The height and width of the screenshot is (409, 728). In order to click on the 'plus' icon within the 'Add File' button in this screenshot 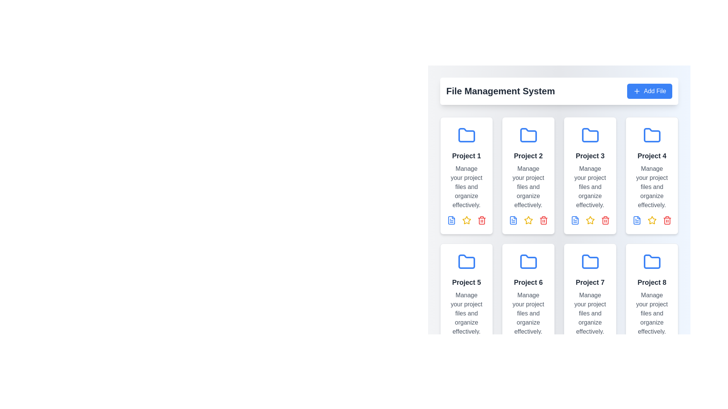, I will do `click(637, 91)`.